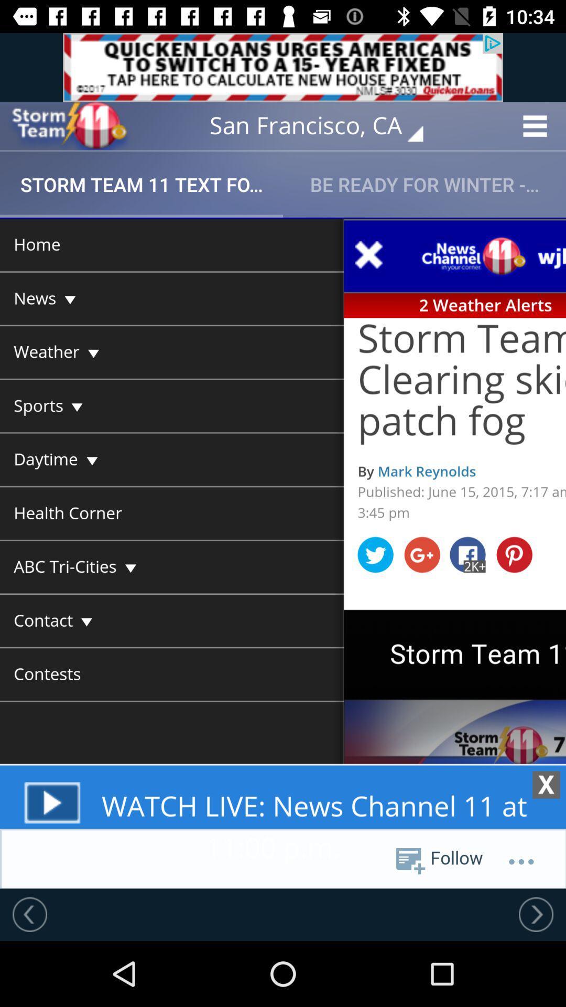 This screenshot has height=1007, width=566. Describe the element at coordinates (69, 126) in the screenshot. I see `storm team 11 homepage` at that location.